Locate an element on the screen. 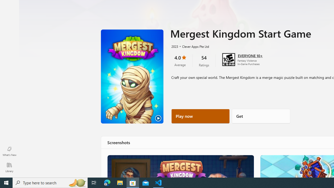 The image size is (334, 188). 'Merge the way you want!' is located at coordinates (180, 166).